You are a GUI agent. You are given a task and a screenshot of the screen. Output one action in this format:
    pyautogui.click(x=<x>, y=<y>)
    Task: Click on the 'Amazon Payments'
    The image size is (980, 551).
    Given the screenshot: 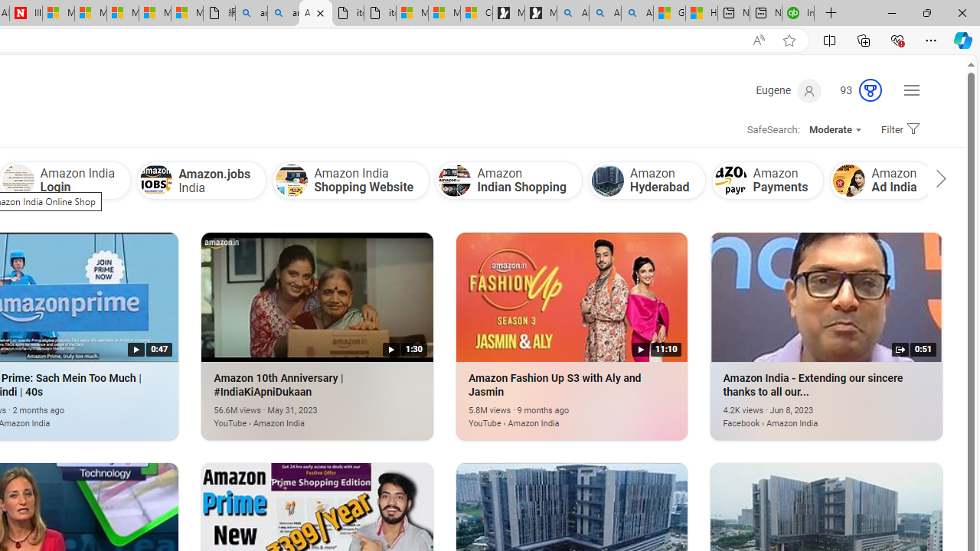 What is the action you would take?
    pyautogui.click(x=768, y=179)
    